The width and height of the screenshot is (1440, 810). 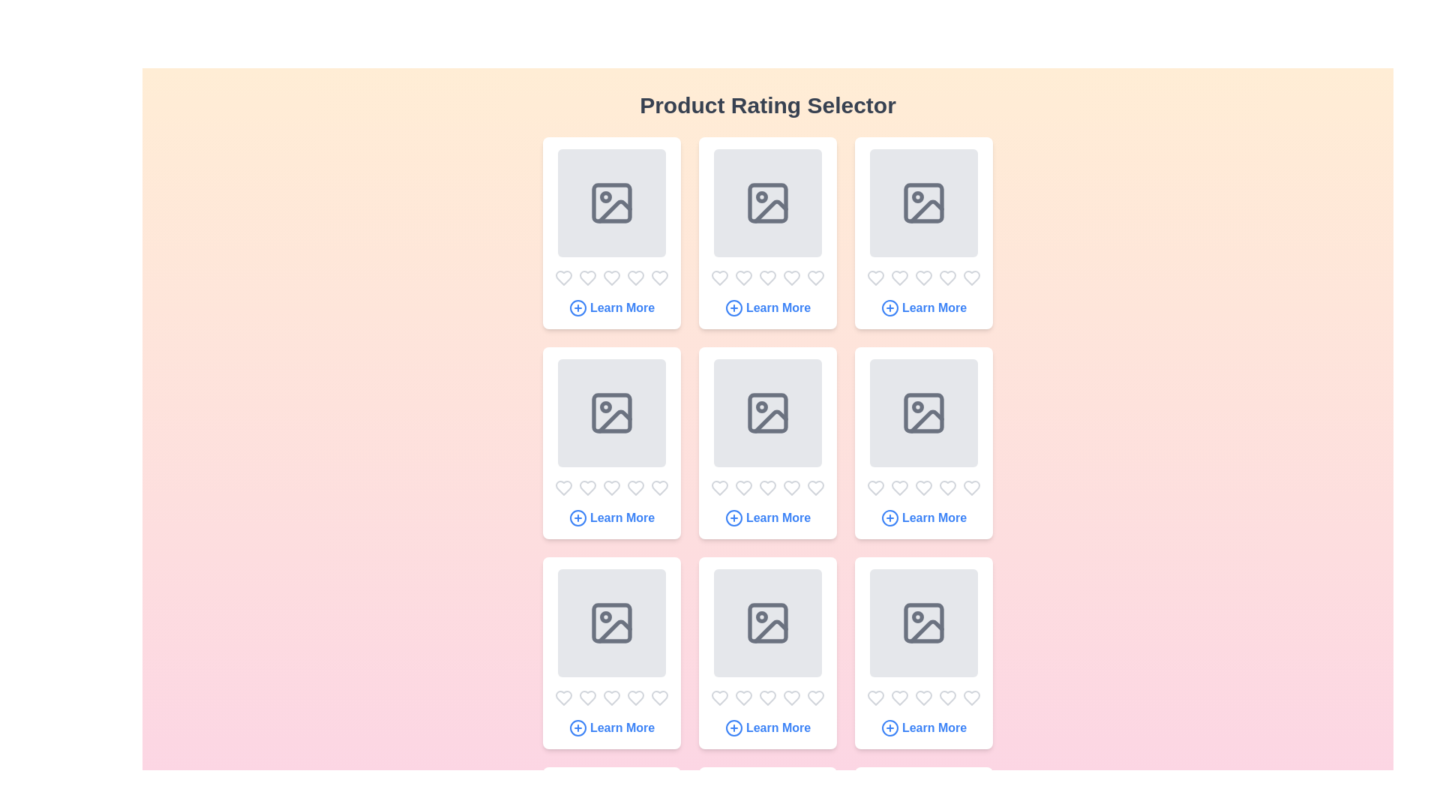 I want to click on the image placeholder of the first product, so click(x=612, y=202).